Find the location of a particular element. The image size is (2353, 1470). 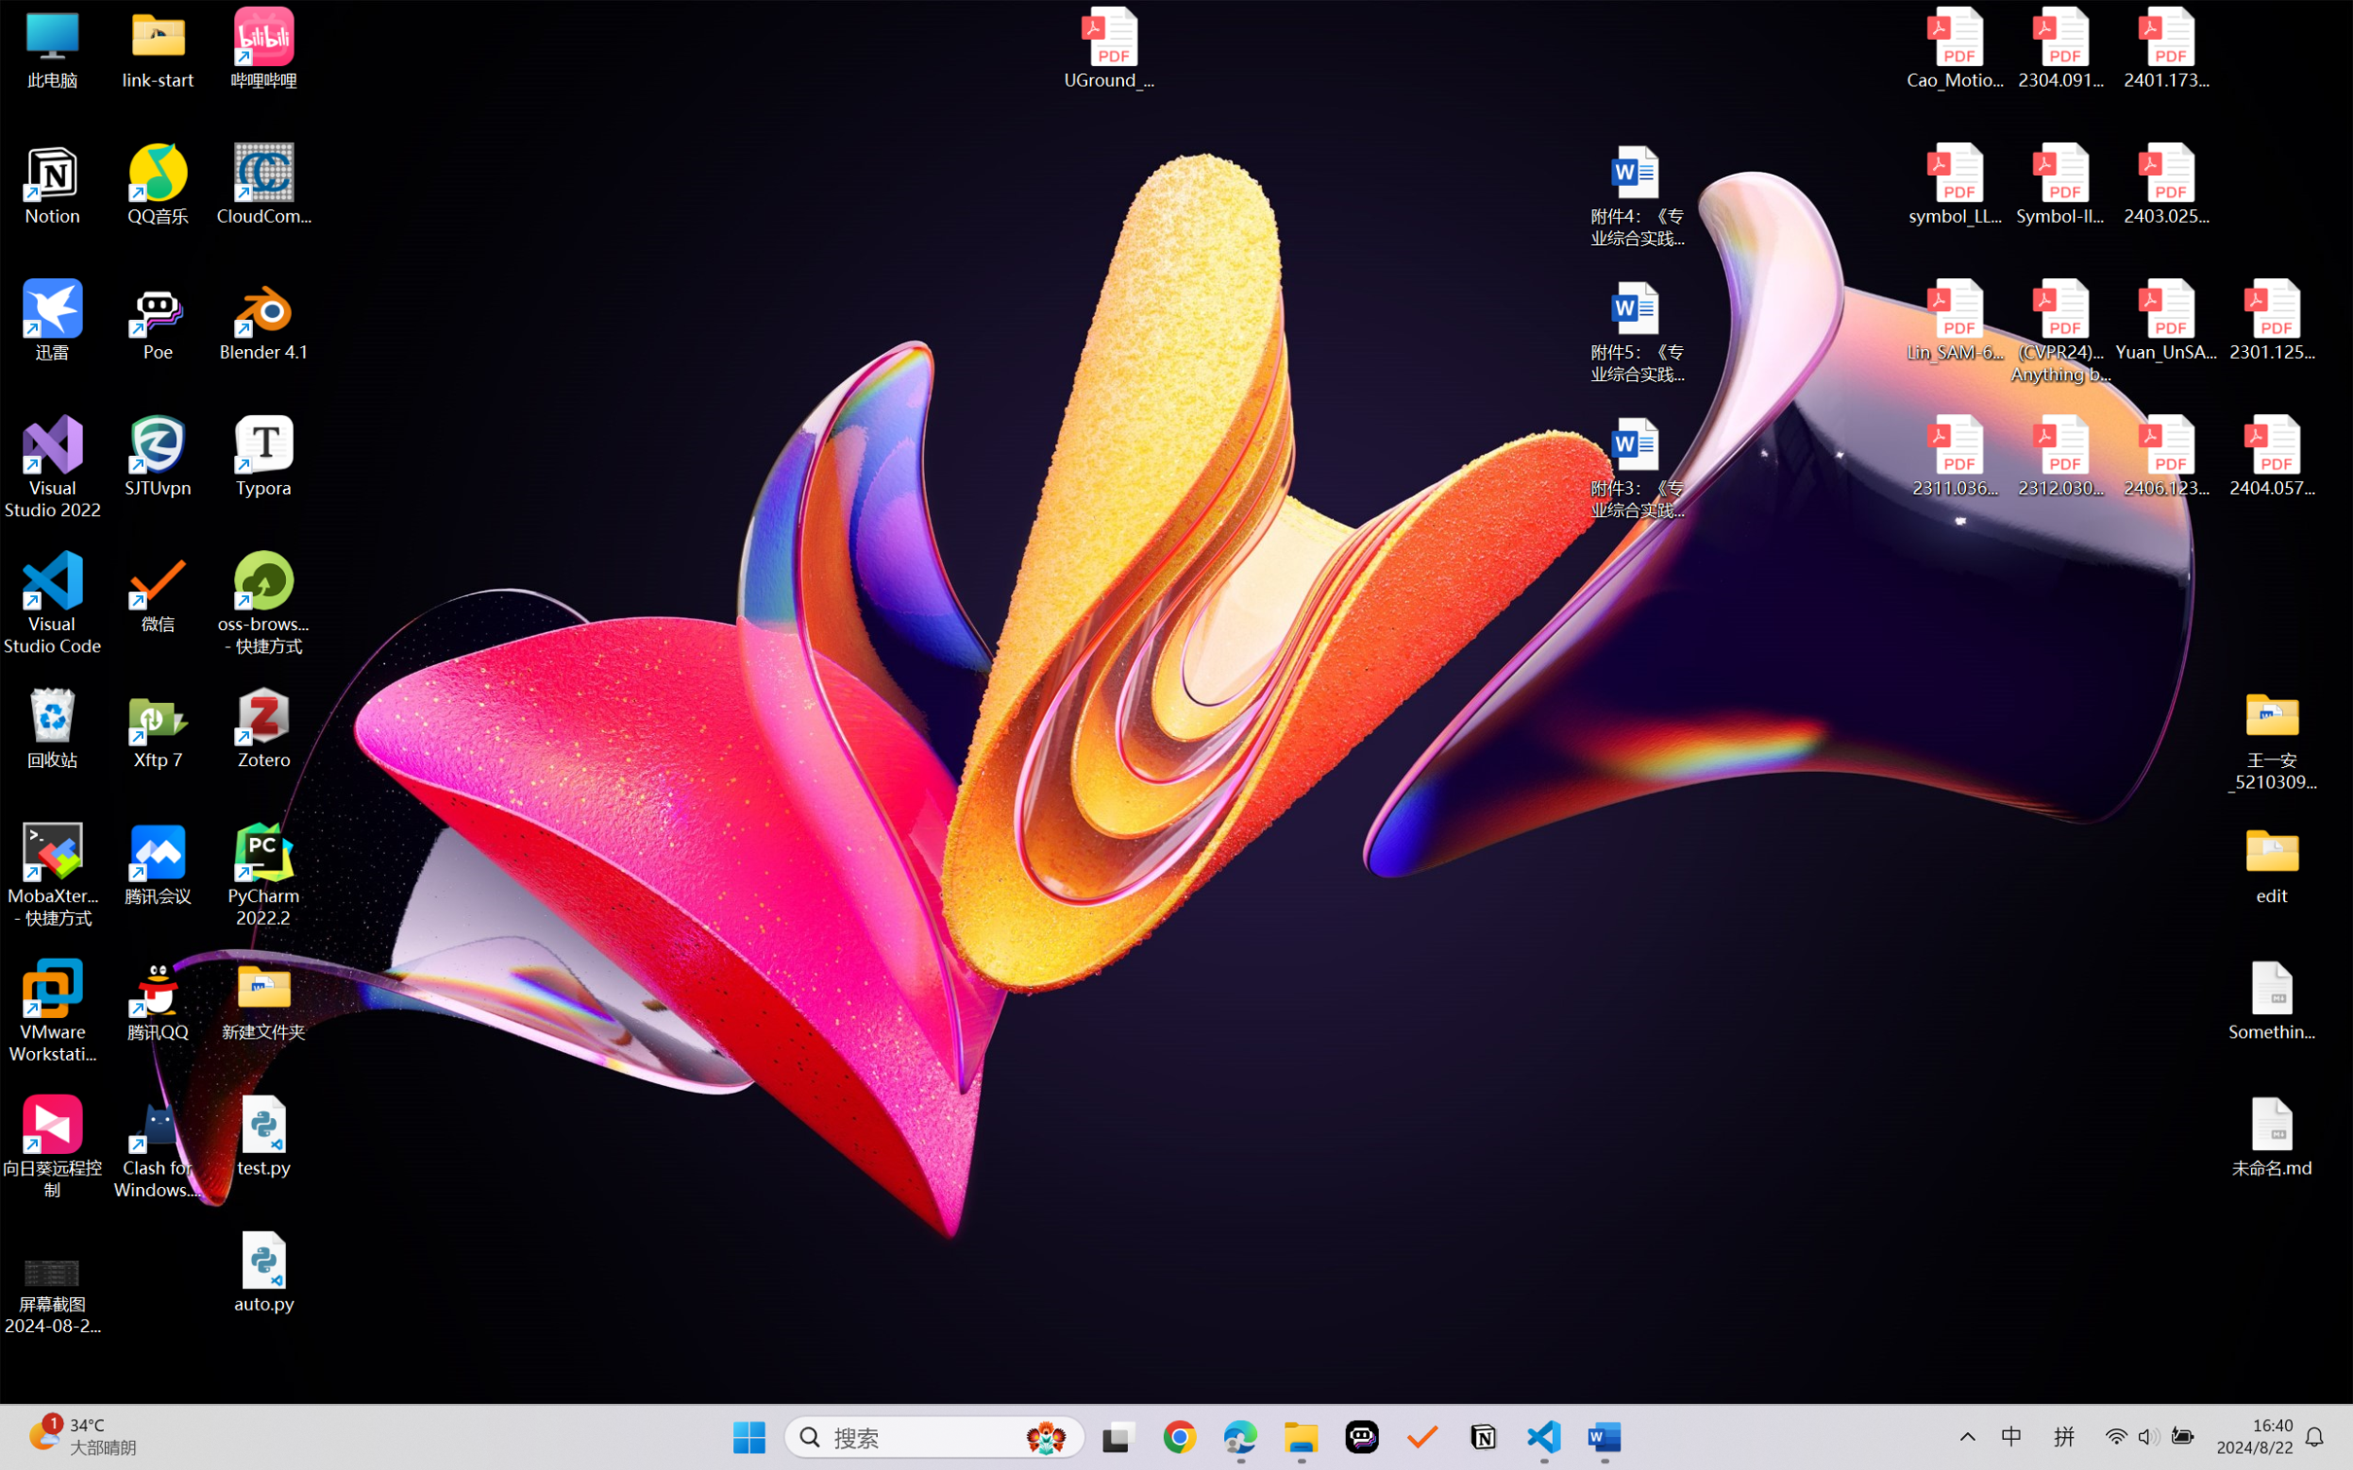

'UGround_paper.pdf' is located at coordinates (1109, 48).